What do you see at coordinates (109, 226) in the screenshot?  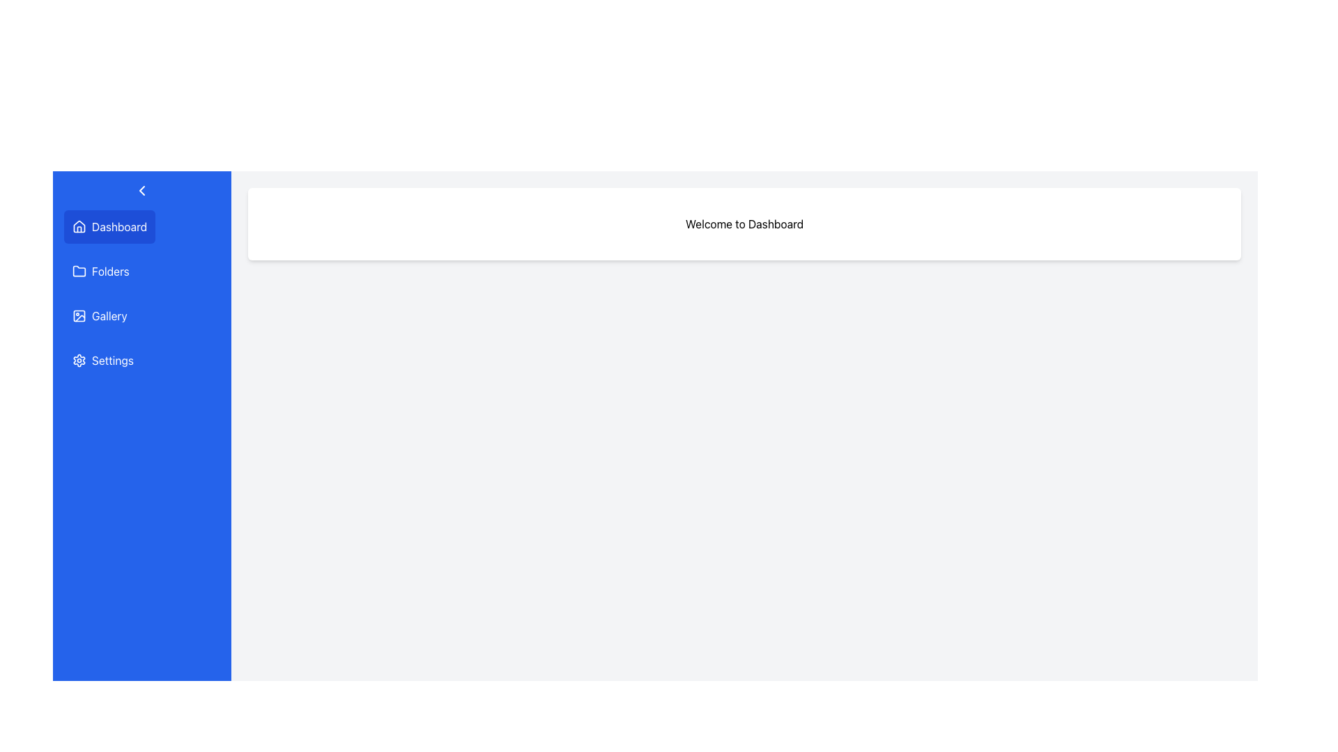 I see `the 'Dashboard' button in the sidebar navigation menu` at bounding box center [109, 226].